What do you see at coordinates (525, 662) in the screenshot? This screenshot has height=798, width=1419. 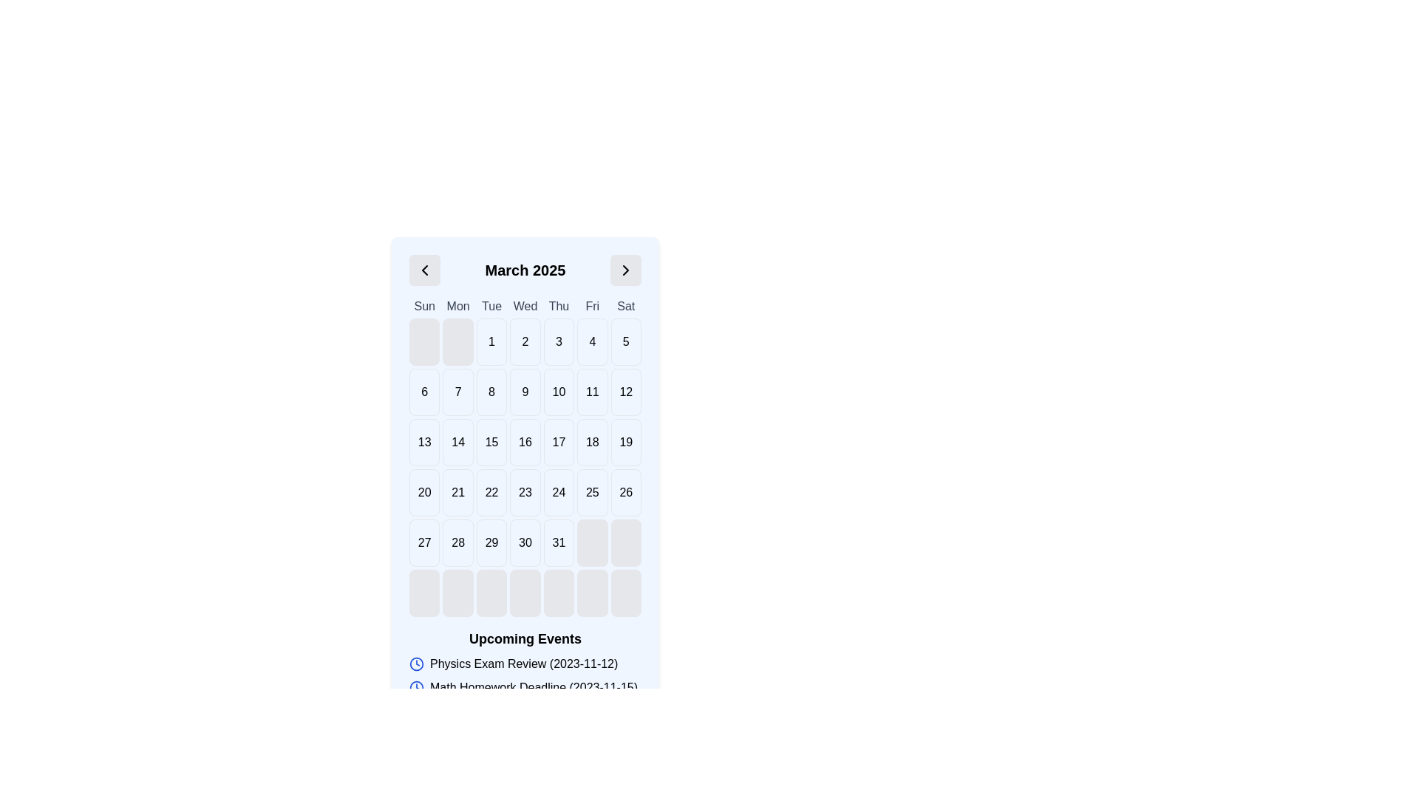 I see `the 'Upcoming Events' informational section that displays a list of upcoming events associated with the calendar` at bounding box center [525, 662].